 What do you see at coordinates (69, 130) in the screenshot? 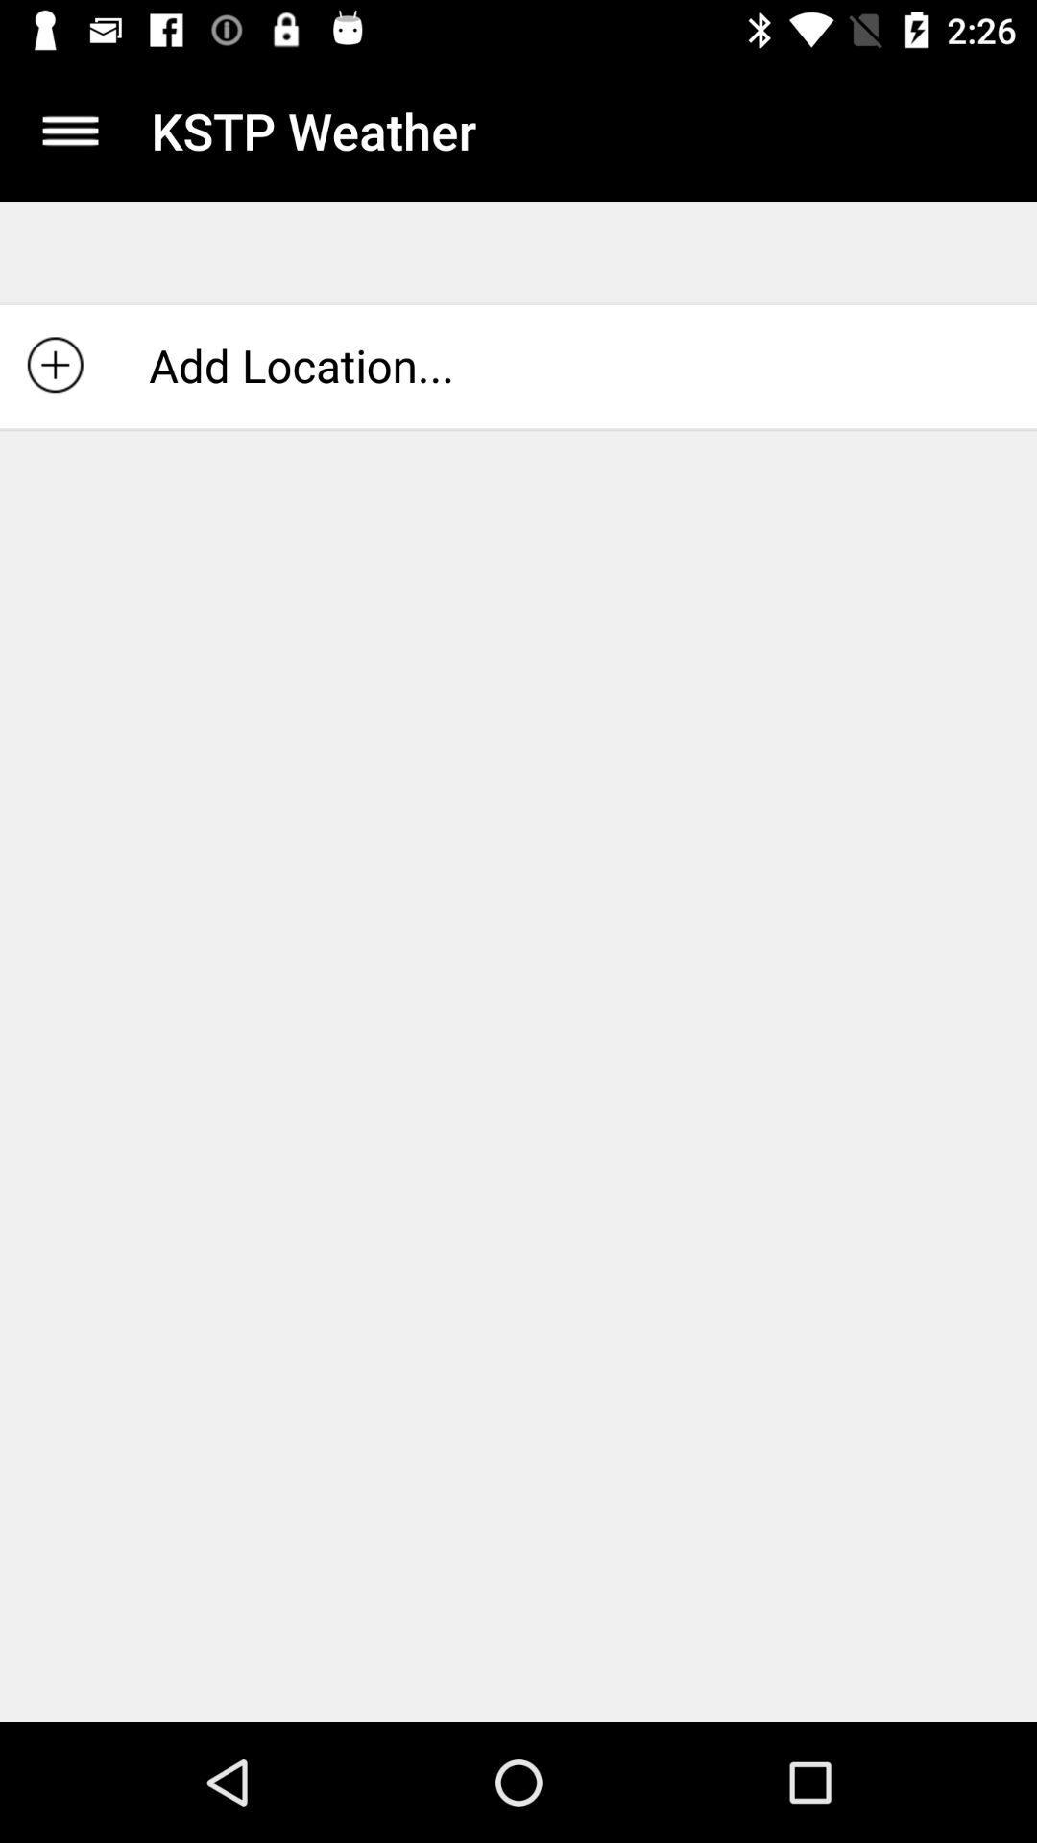
I see `more options` at bounding box center [69, 130].